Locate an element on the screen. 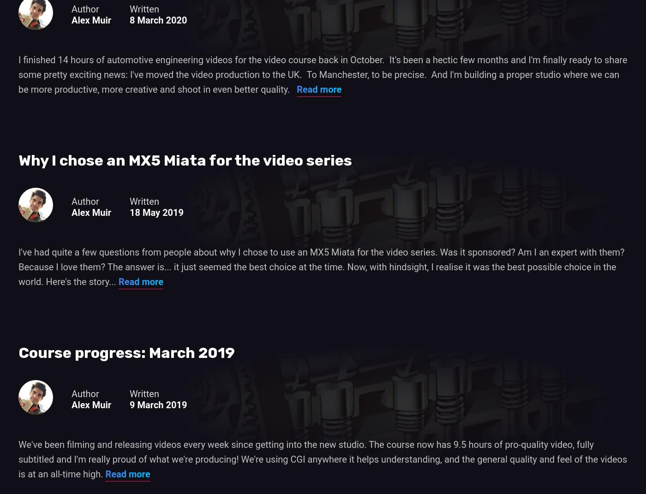 This screenshot has width=646, height=494. 'I finished 14 hours of automotive engineering videos for the video course back in October.  It's been a hectic few months and I'm finally ready to share some pretty exciting news: I've moved the video production to the UK.  To Manchester, to be precise.  And I'm building a proper studio where we can be more productive, more creative and shoot in even better quality.' is located at coordinates (18, 74).